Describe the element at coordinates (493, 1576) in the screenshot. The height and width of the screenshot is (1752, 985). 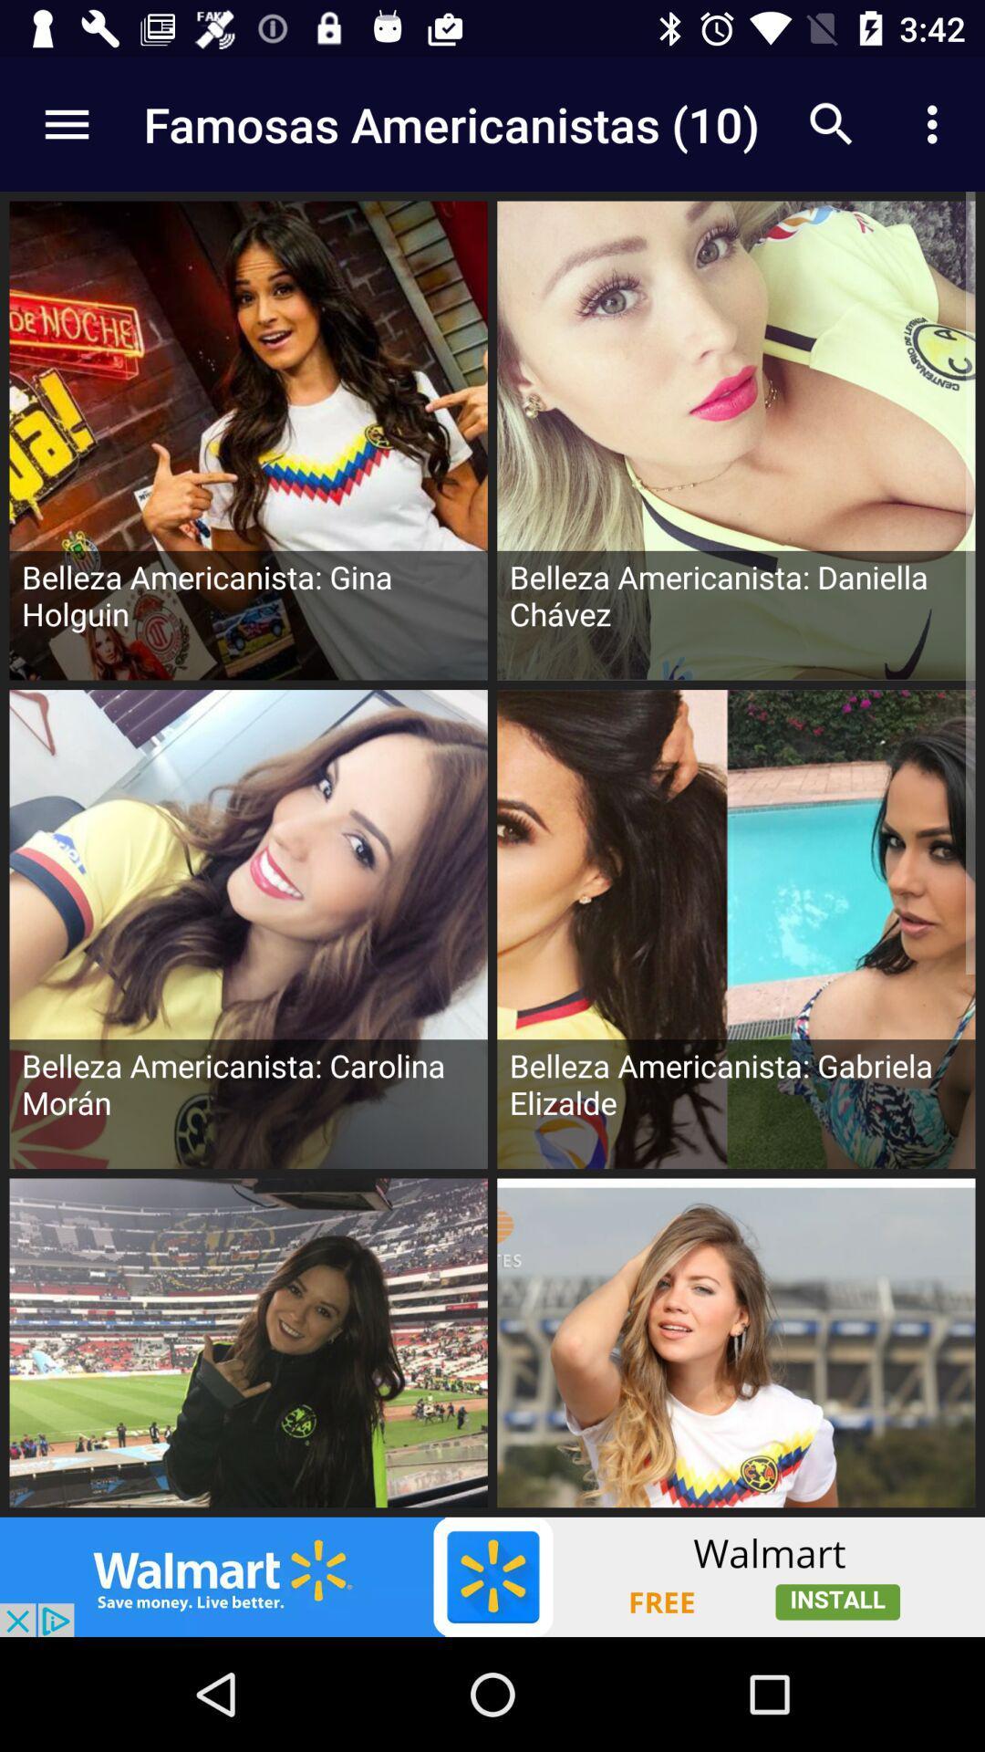
I see `advertisement` at that location.